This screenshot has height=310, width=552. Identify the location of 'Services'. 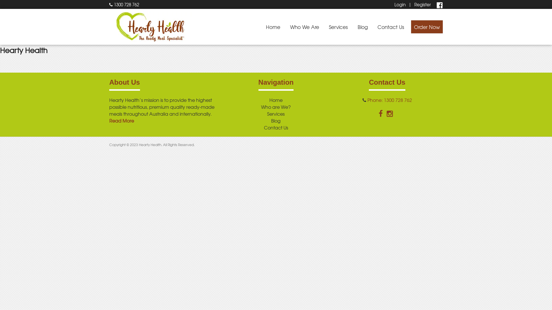
(275, 114).